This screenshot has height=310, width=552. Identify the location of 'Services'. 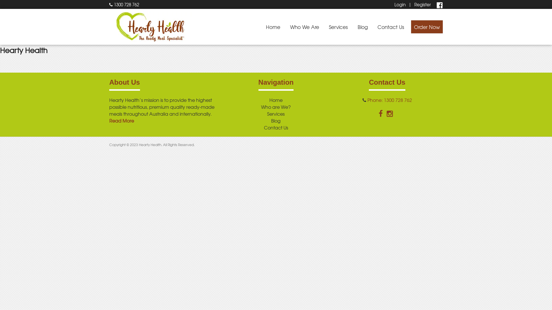
(275, 114).